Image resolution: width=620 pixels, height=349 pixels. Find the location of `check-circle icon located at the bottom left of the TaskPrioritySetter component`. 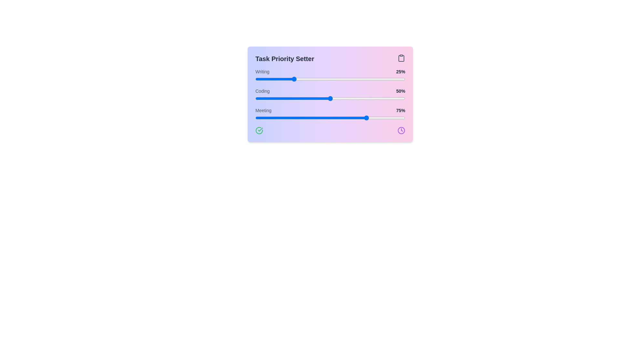

check-circle icon located at the bottom left of the TaskPrioritySetter component is located at coordinates (259, 131).